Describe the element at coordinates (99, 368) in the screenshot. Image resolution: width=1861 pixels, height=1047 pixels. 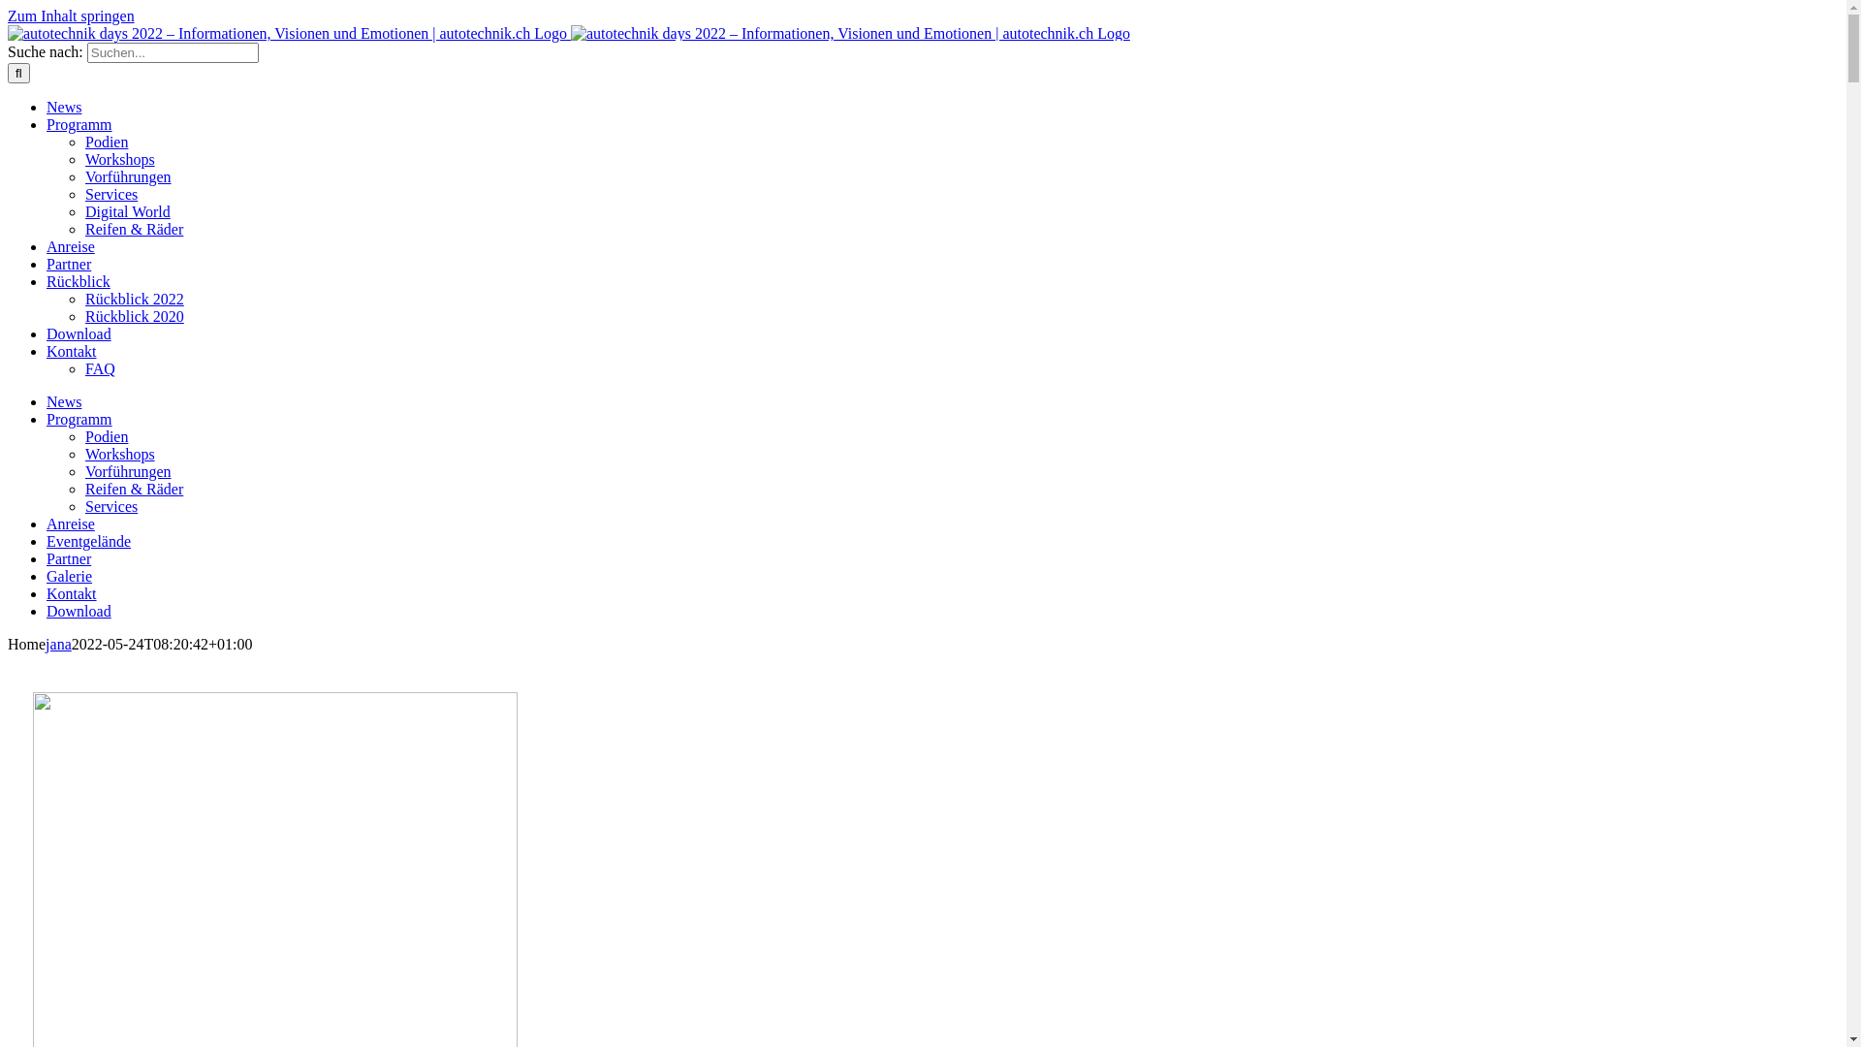
I see `'FAQ'` at that location.